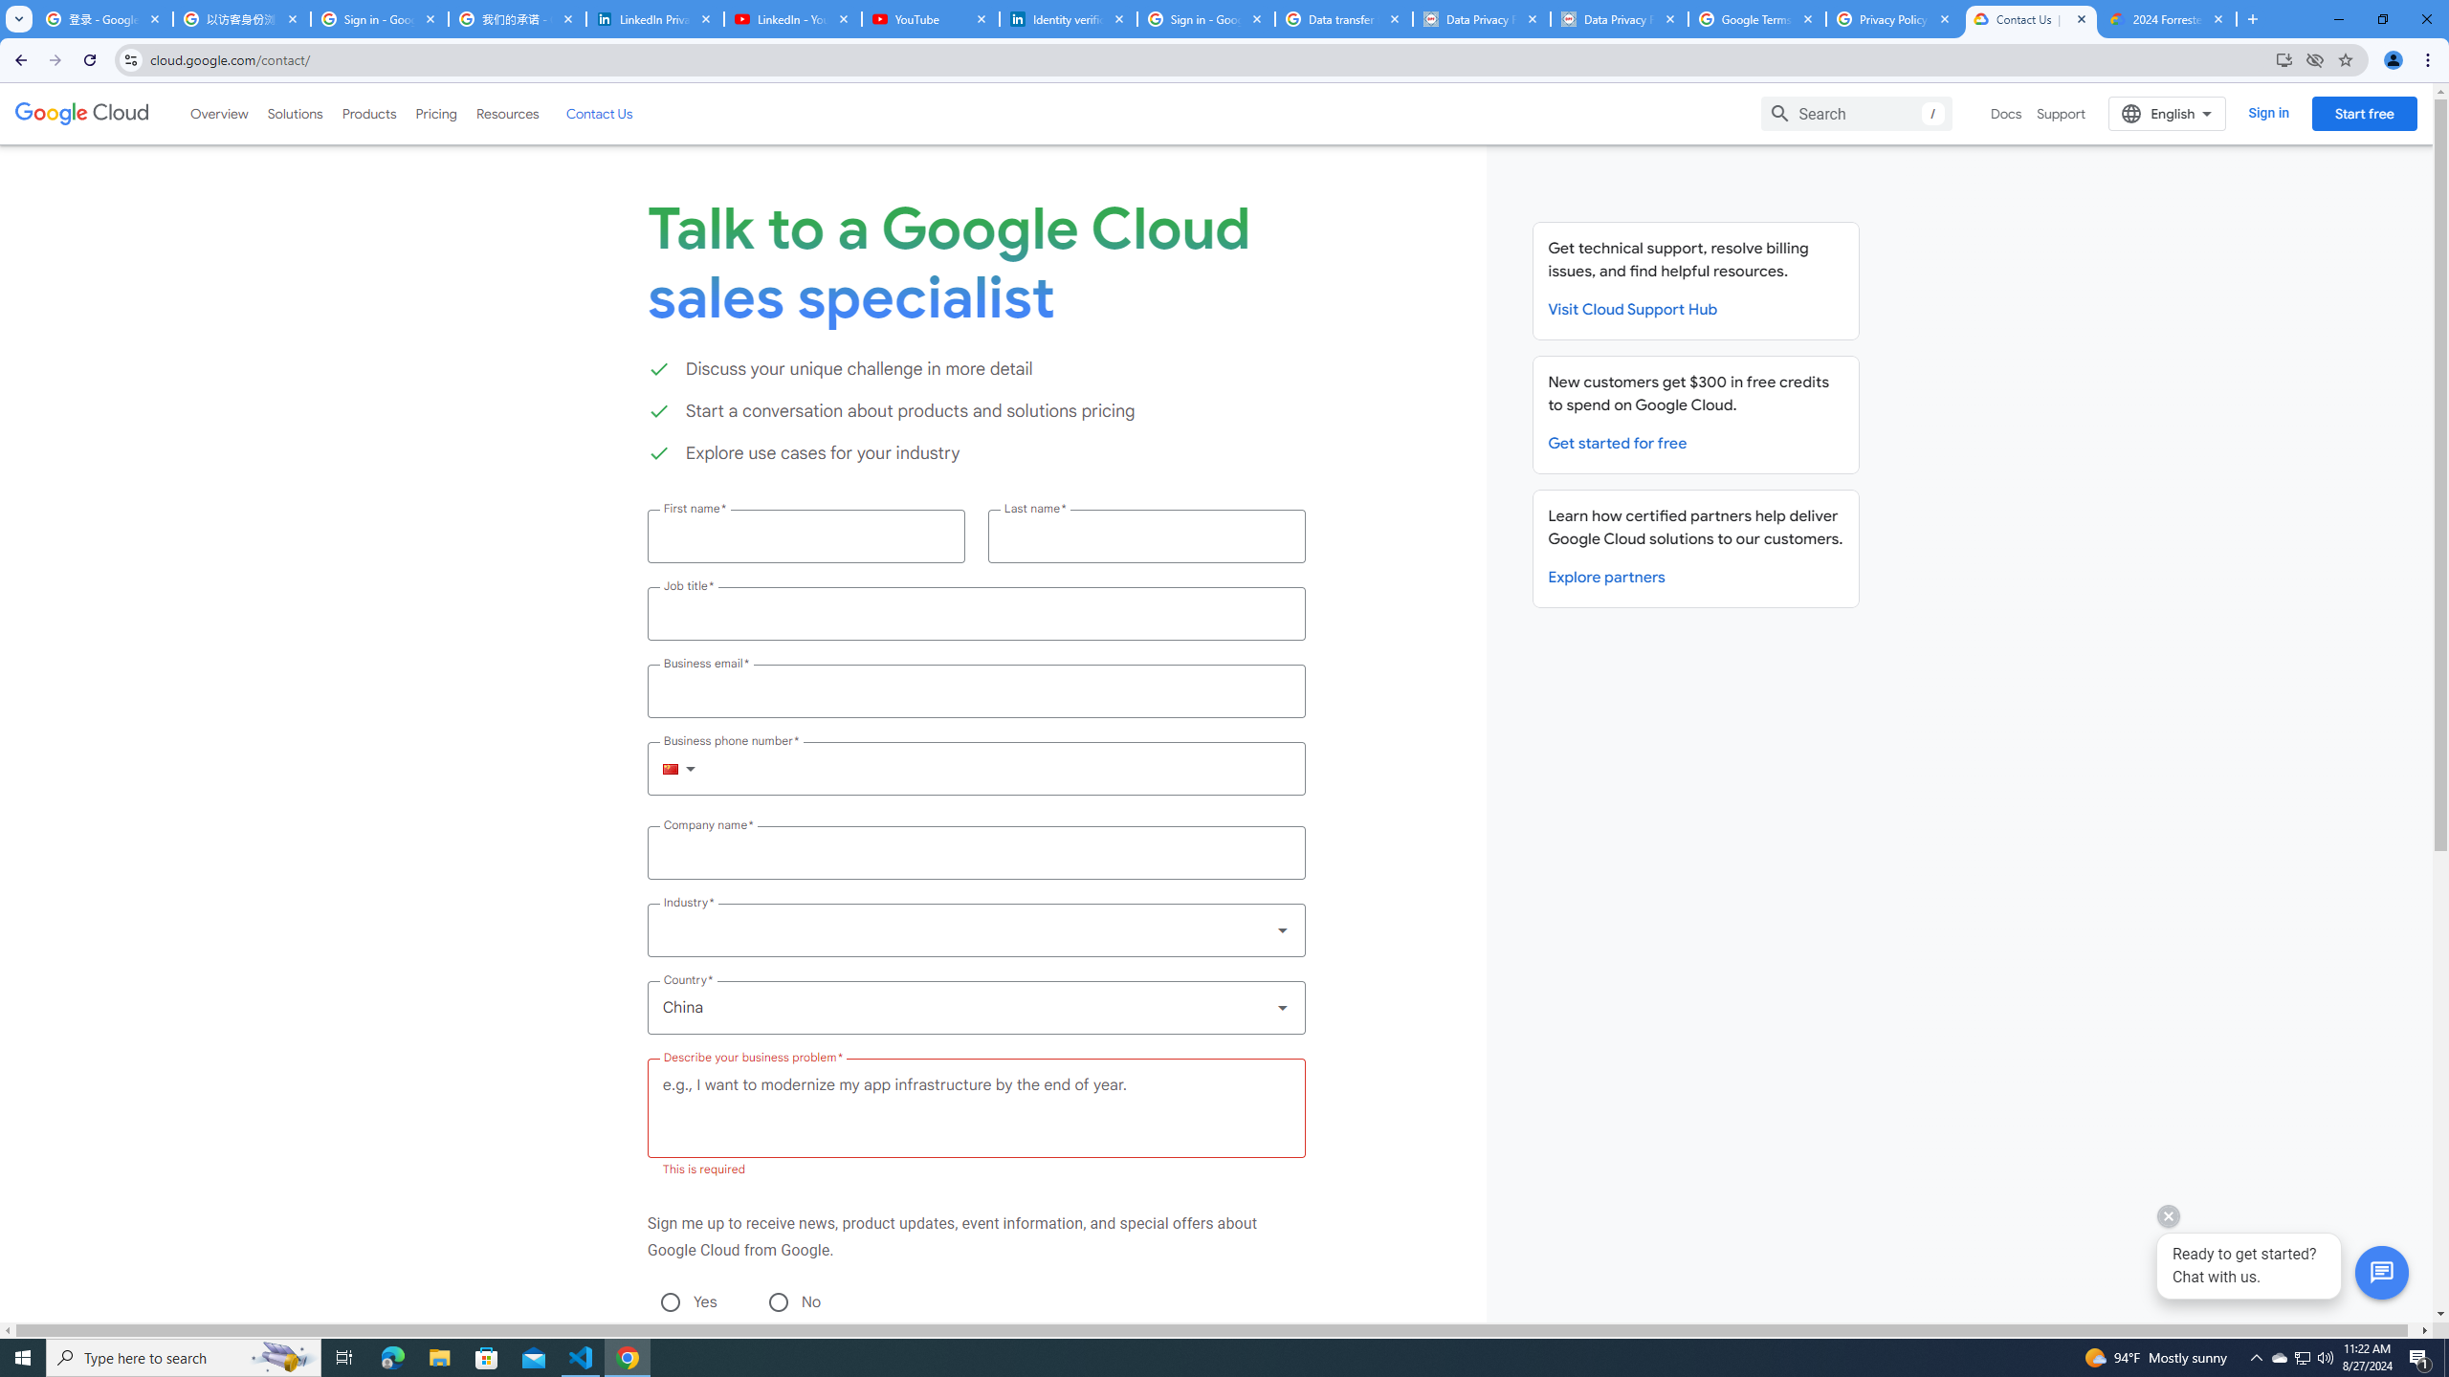 This screenshot has width=2449, height=1377. Describe the element at coordinates (776, 1300) in the screenshot. I see `'No'` at that location.